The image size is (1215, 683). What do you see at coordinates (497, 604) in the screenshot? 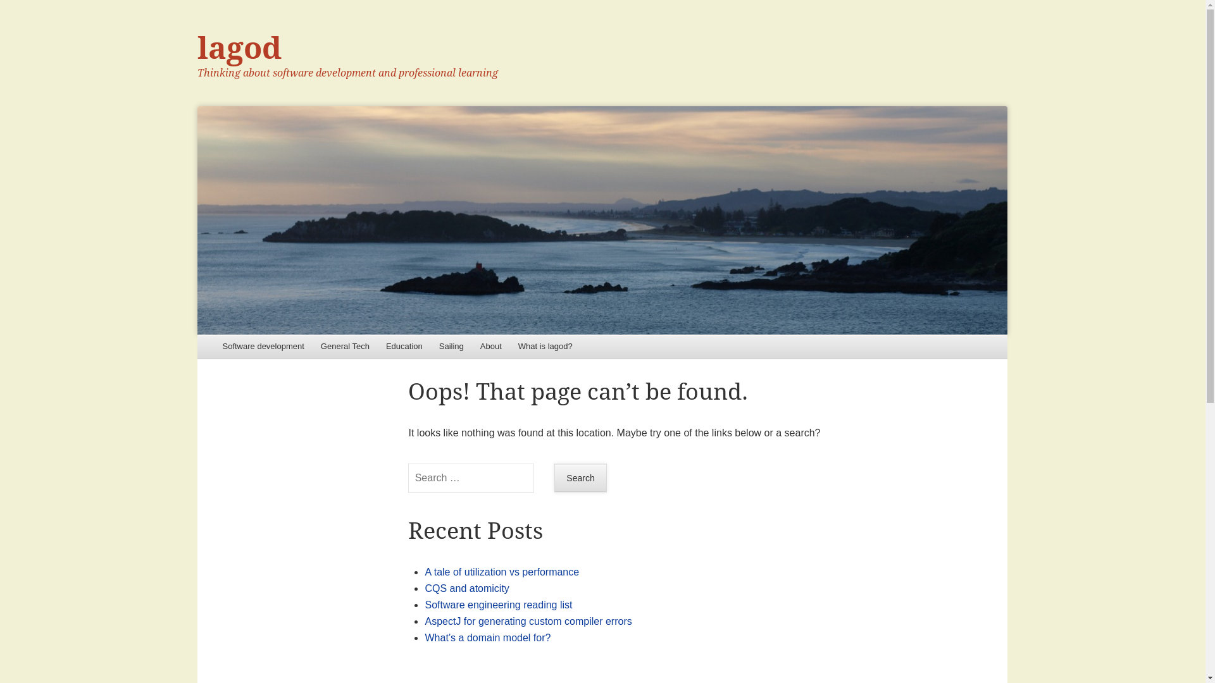
I see `'Software engineering reading list'` at bounding box center [497, 604].